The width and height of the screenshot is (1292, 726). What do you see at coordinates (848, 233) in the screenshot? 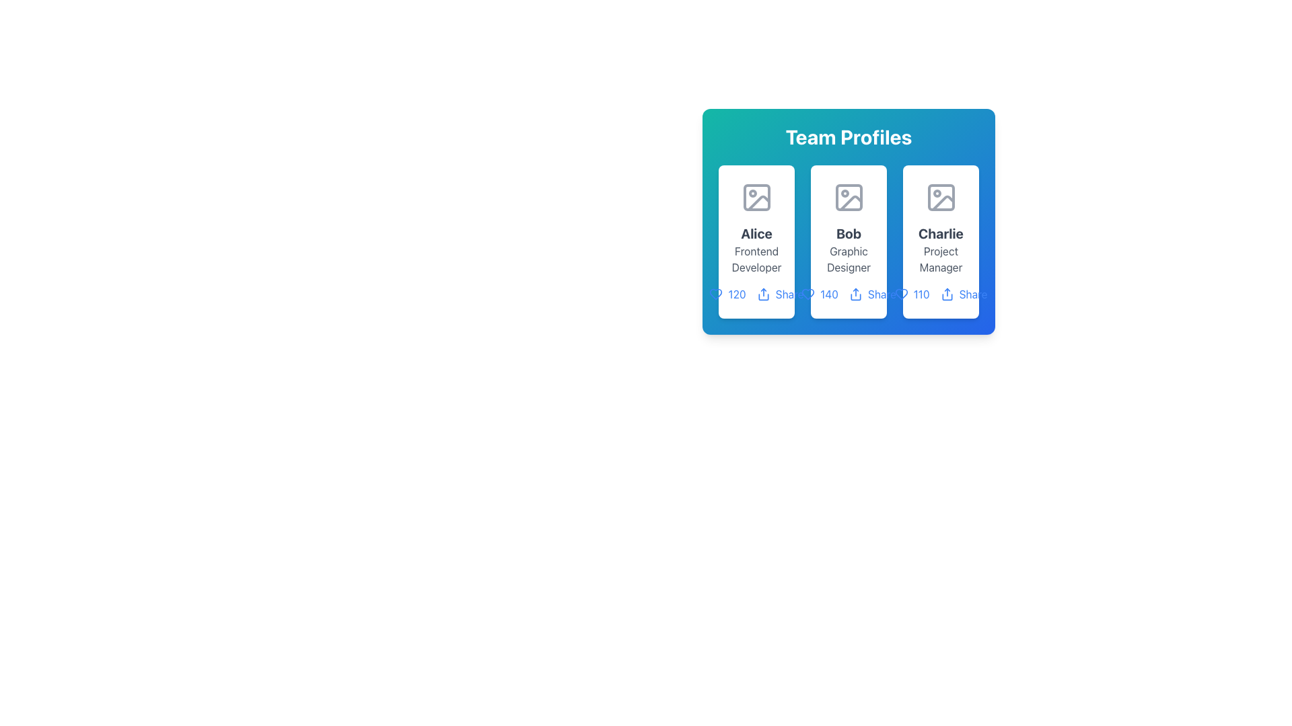
I see `the text label displaying the name 'Bob', which is positioned at the top center of the profile card in the 'Team Profiles' section` at bounding box center [848, 233].